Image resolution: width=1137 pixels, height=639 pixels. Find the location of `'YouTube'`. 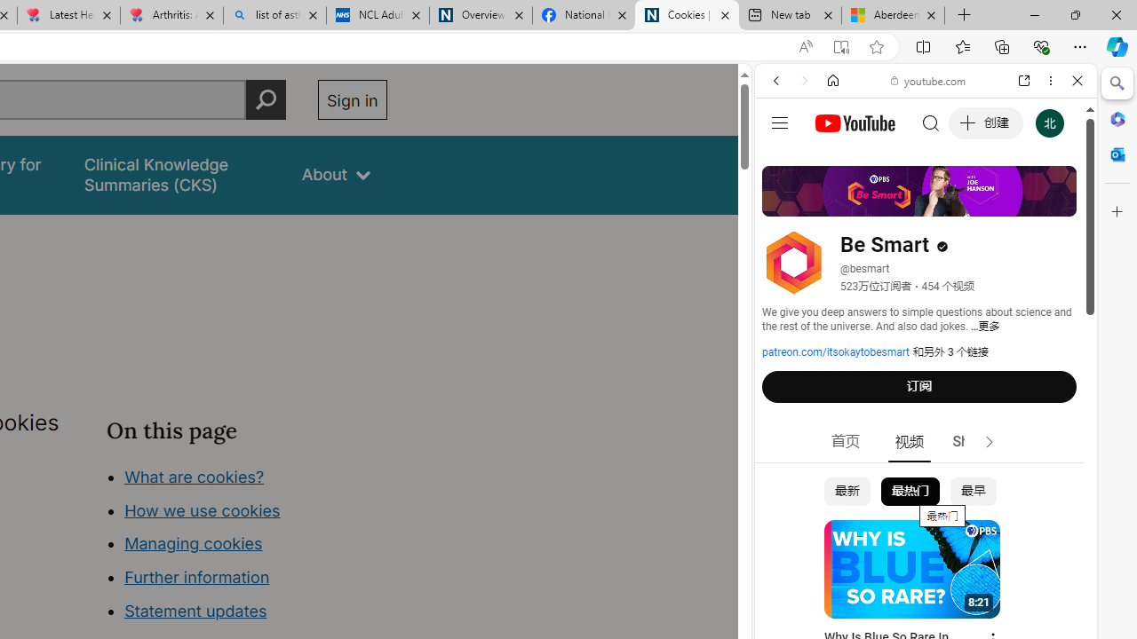

'YouTube' is located at coordinates (918, 264).